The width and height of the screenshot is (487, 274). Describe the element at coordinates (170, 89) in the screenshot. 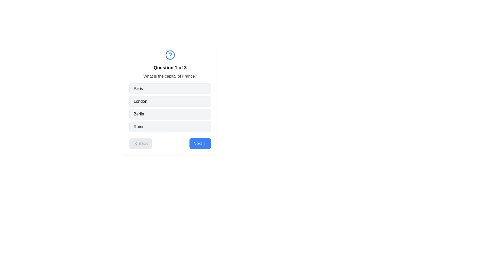

I see `the button labeled 'Paris', which is the first option in a vertical list of buttons with a light gray background and rounded corners` at that location.